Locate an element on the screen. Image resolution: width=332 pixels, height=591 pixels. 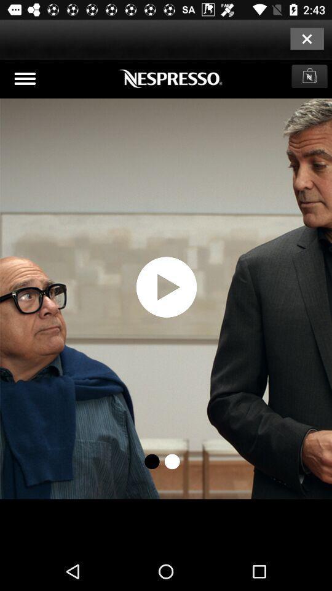
closing option is located at coordinates (306, 38).